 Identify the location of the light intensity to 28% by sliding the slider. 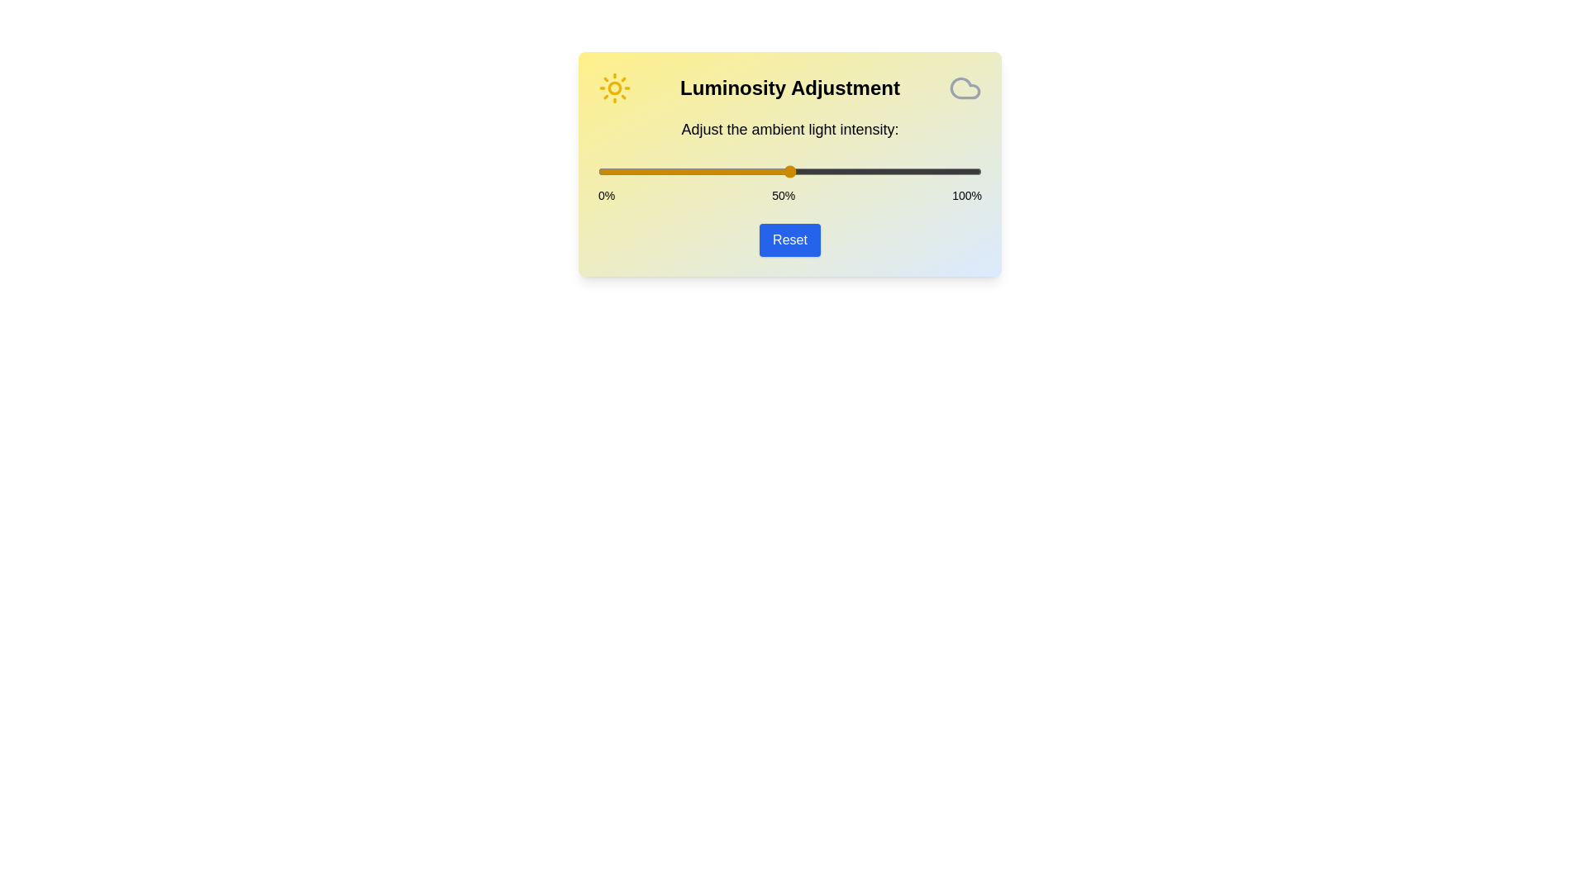
(705, 172).